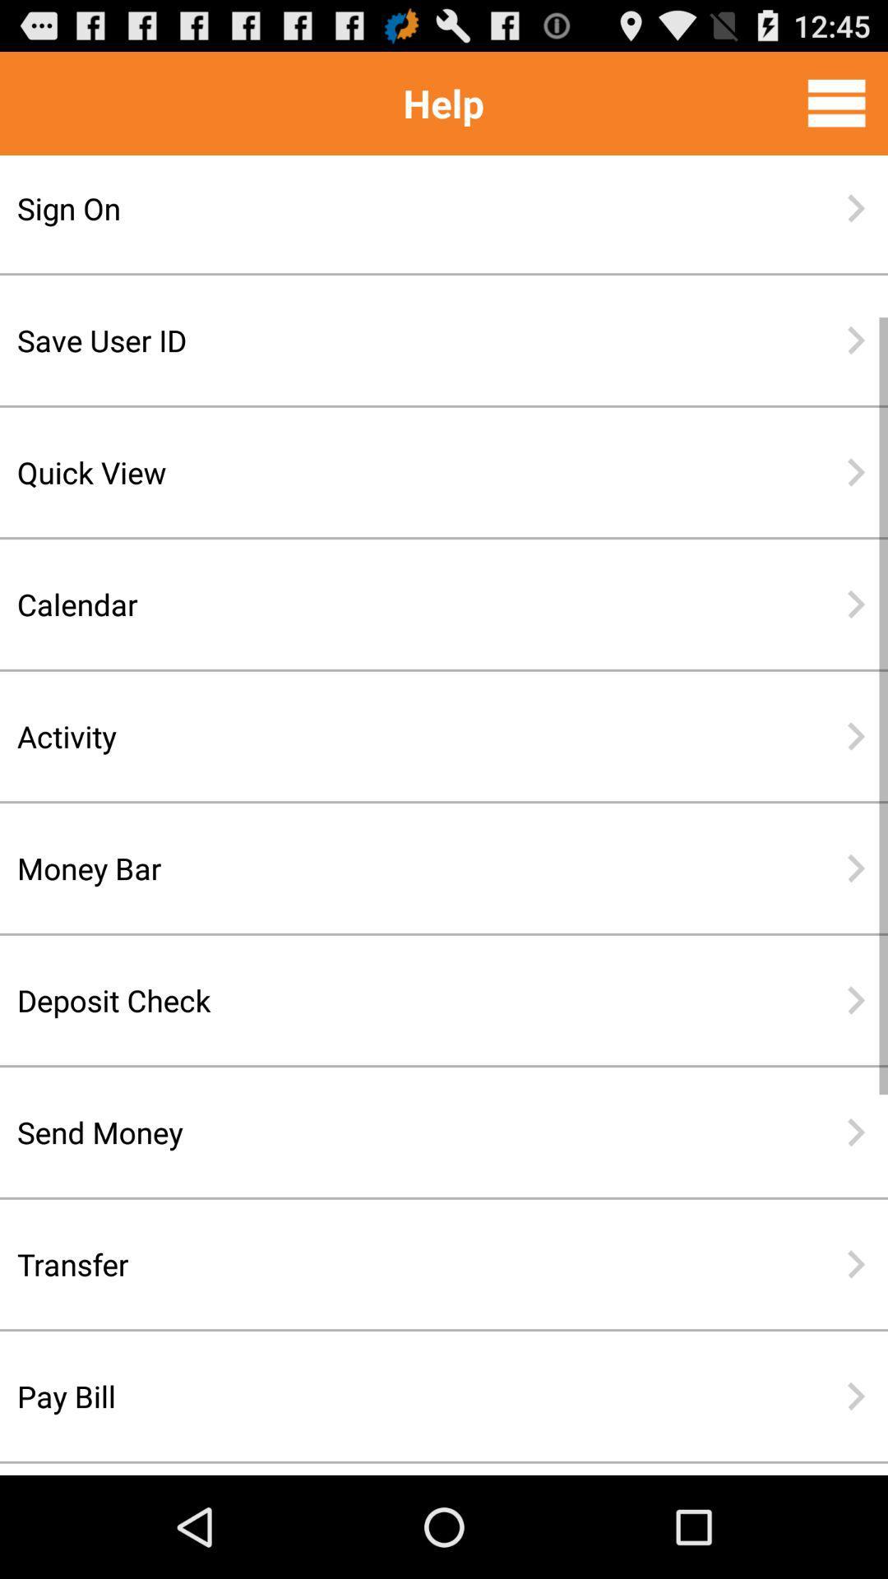 The width and height of the screenshot is (888, 1579). I want to click on item next to pay bill, so click(855, 1396).